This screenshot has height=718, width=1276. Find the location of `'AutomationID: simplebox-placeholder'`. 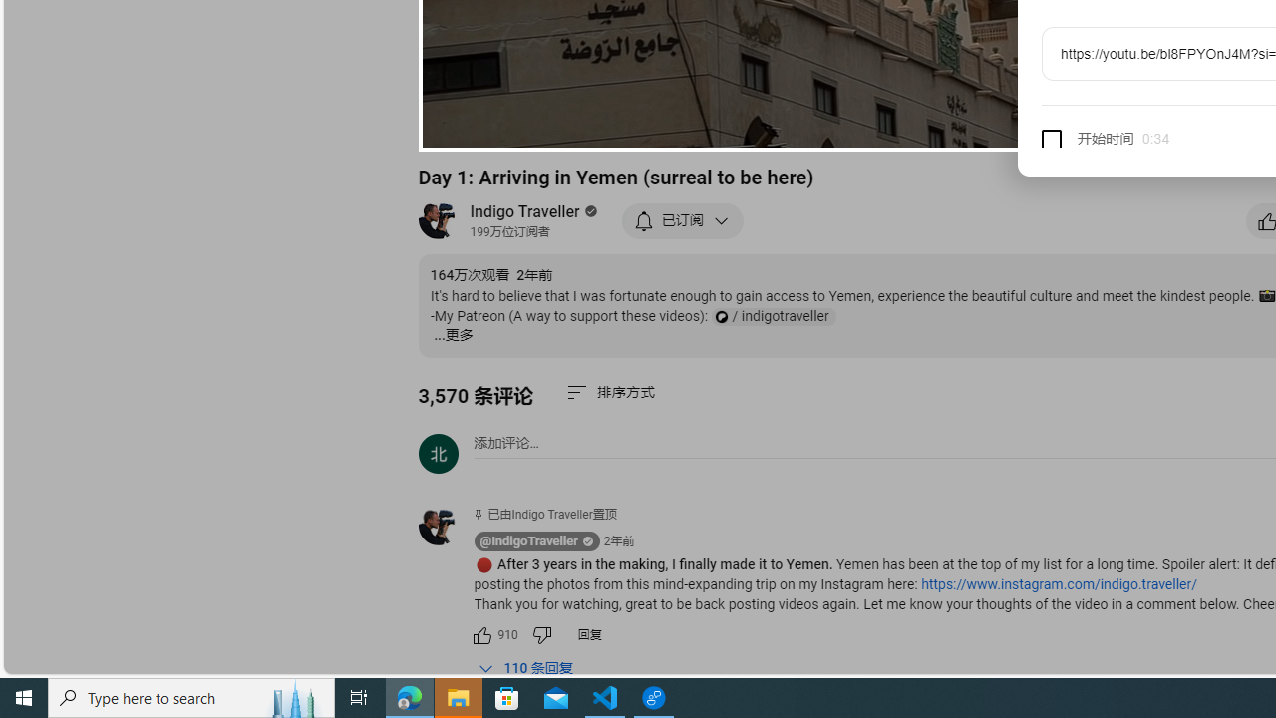

'AutomationID: simplebox-placeholder' is located at coordinates (506, 442).